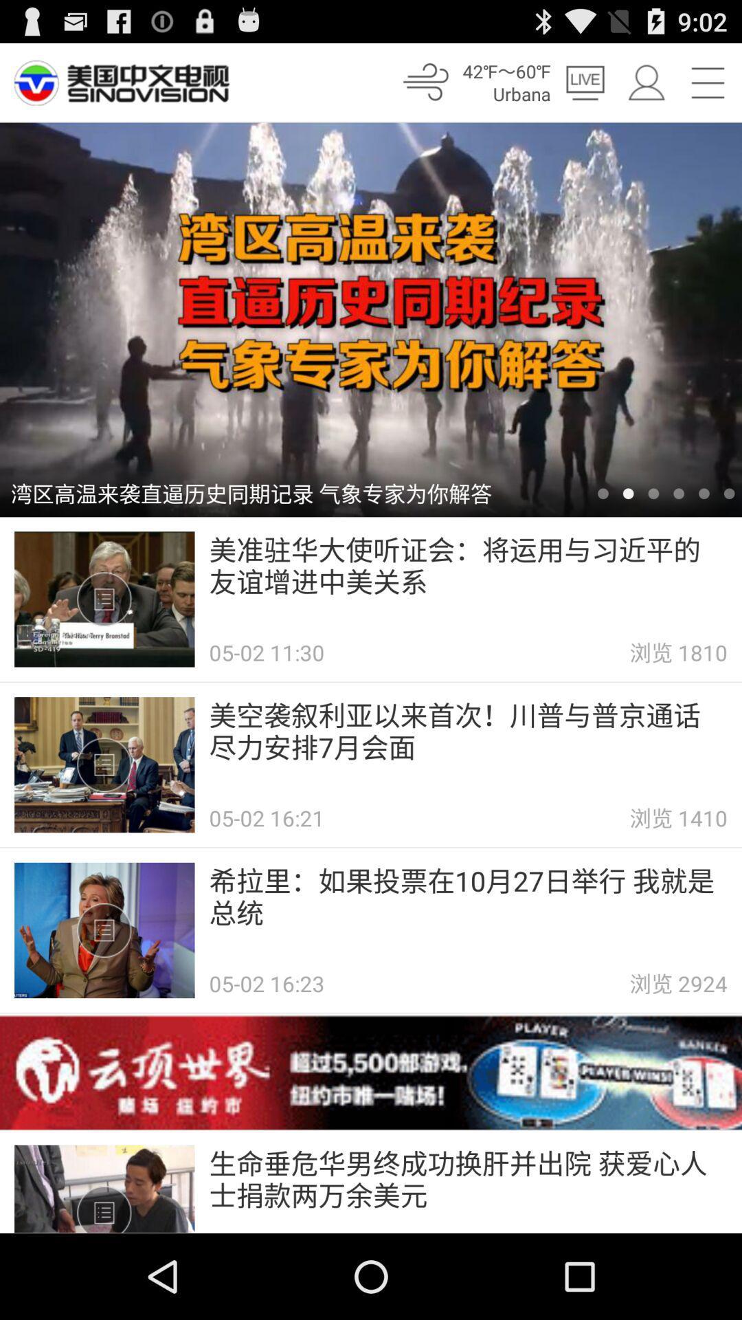 The width and height of the screenshot is (742, 1320). What do you see at coordinates (708, 88) in the screenshot?
I see `the menu icon` at bounding box center [708, 88].